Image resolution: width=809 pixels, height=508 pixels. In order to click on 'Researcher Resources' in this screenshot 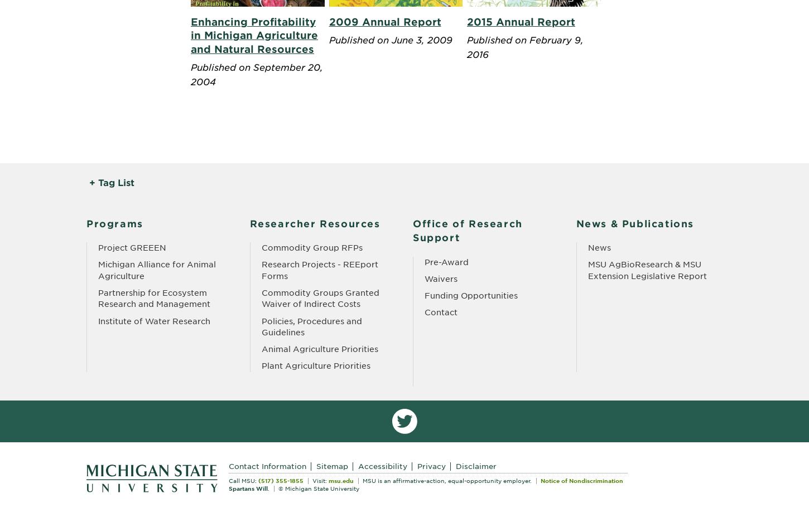, I will do `click(315, 223)`.